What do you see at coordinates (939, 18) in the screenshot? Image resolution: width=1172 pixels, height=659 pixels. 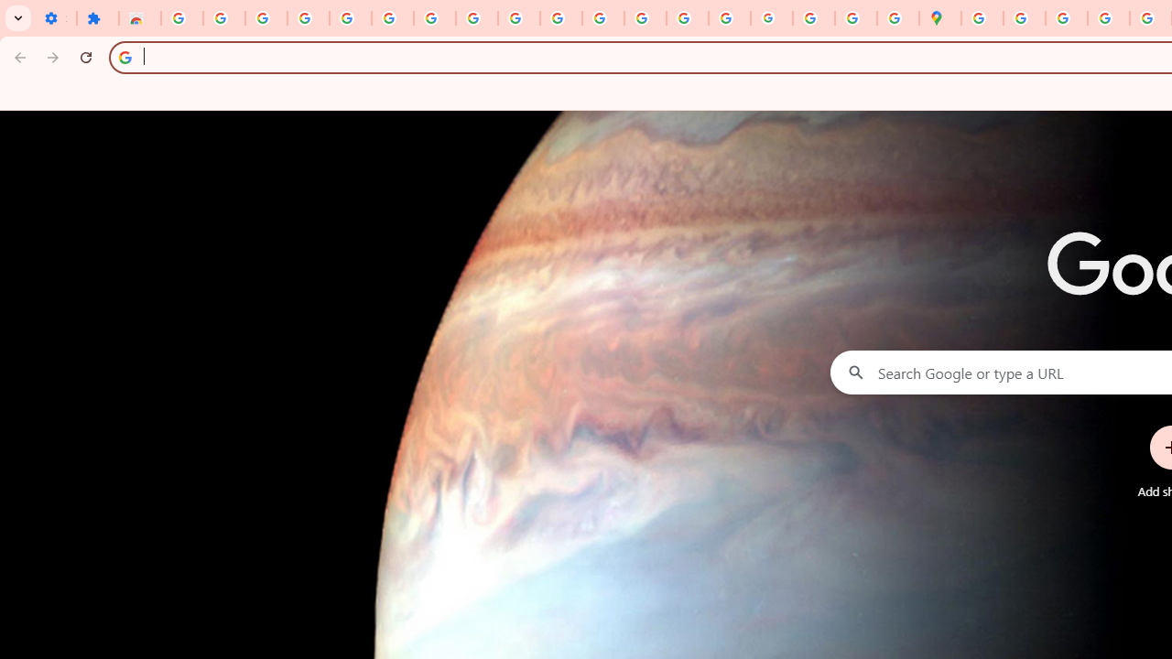 I see `'Google Maps'` at bounding box center [939, 18].